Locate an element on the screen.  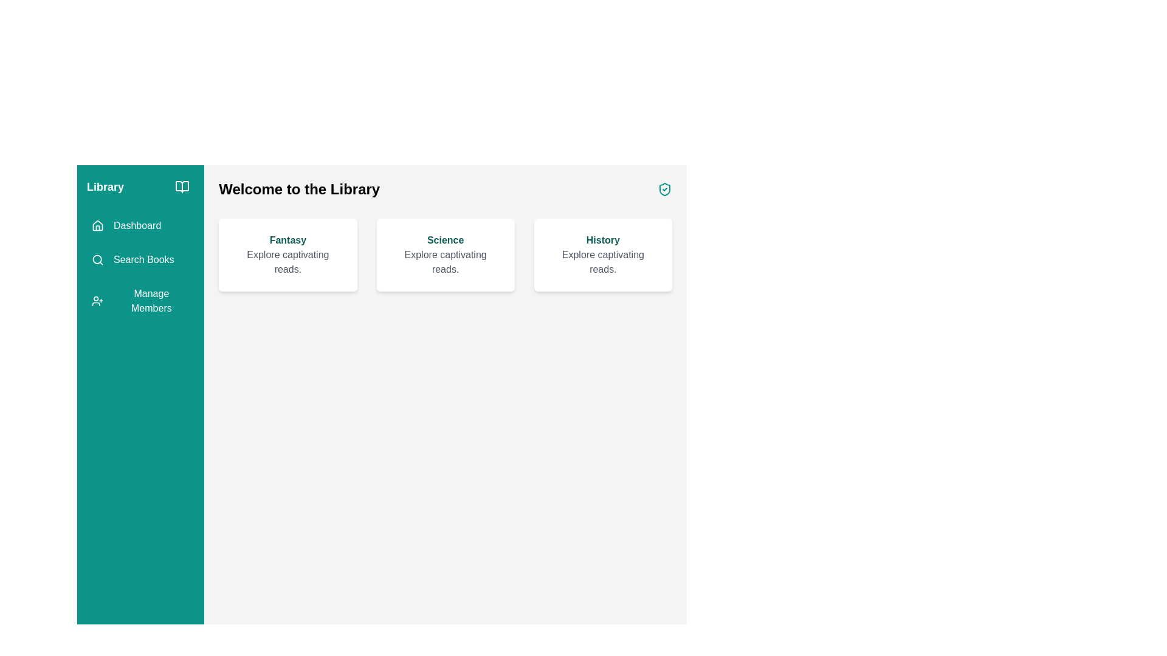
the navigation button that redirects users to the dashboard view of the application is located at coordinates (126, 225).